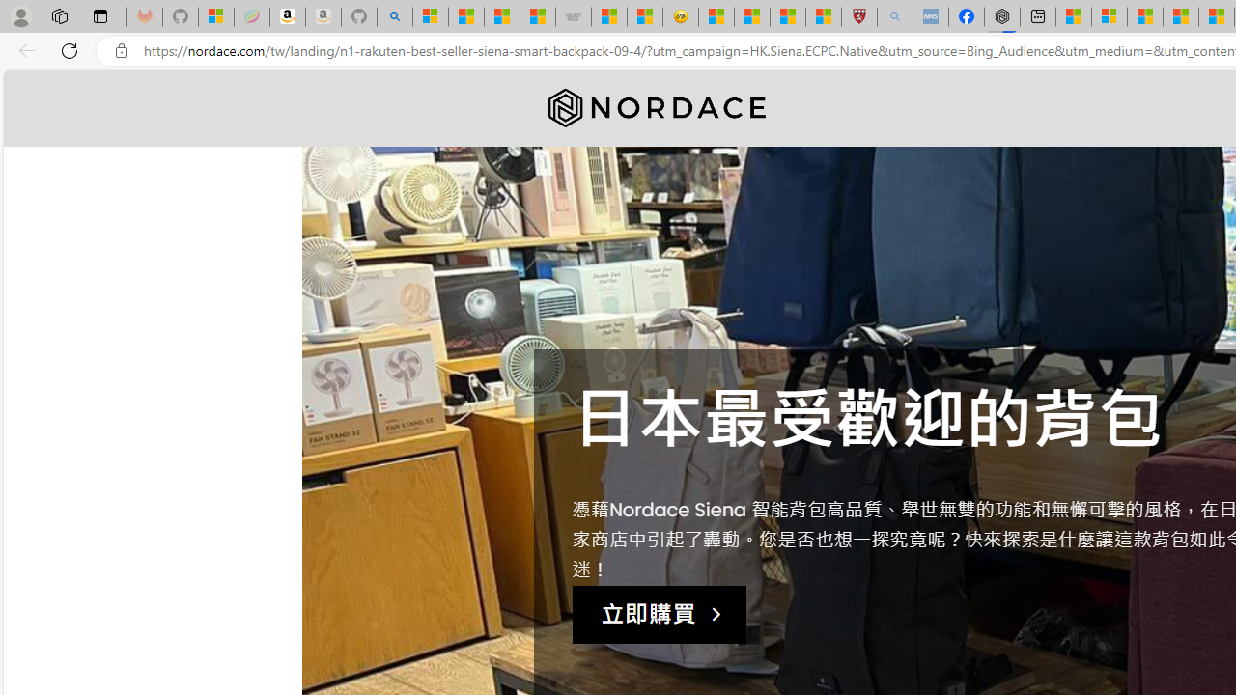  What do you see at coordinates (1037, 16) in the screenshot?
I see `'New tab'` at bounding box center [1037, 16].